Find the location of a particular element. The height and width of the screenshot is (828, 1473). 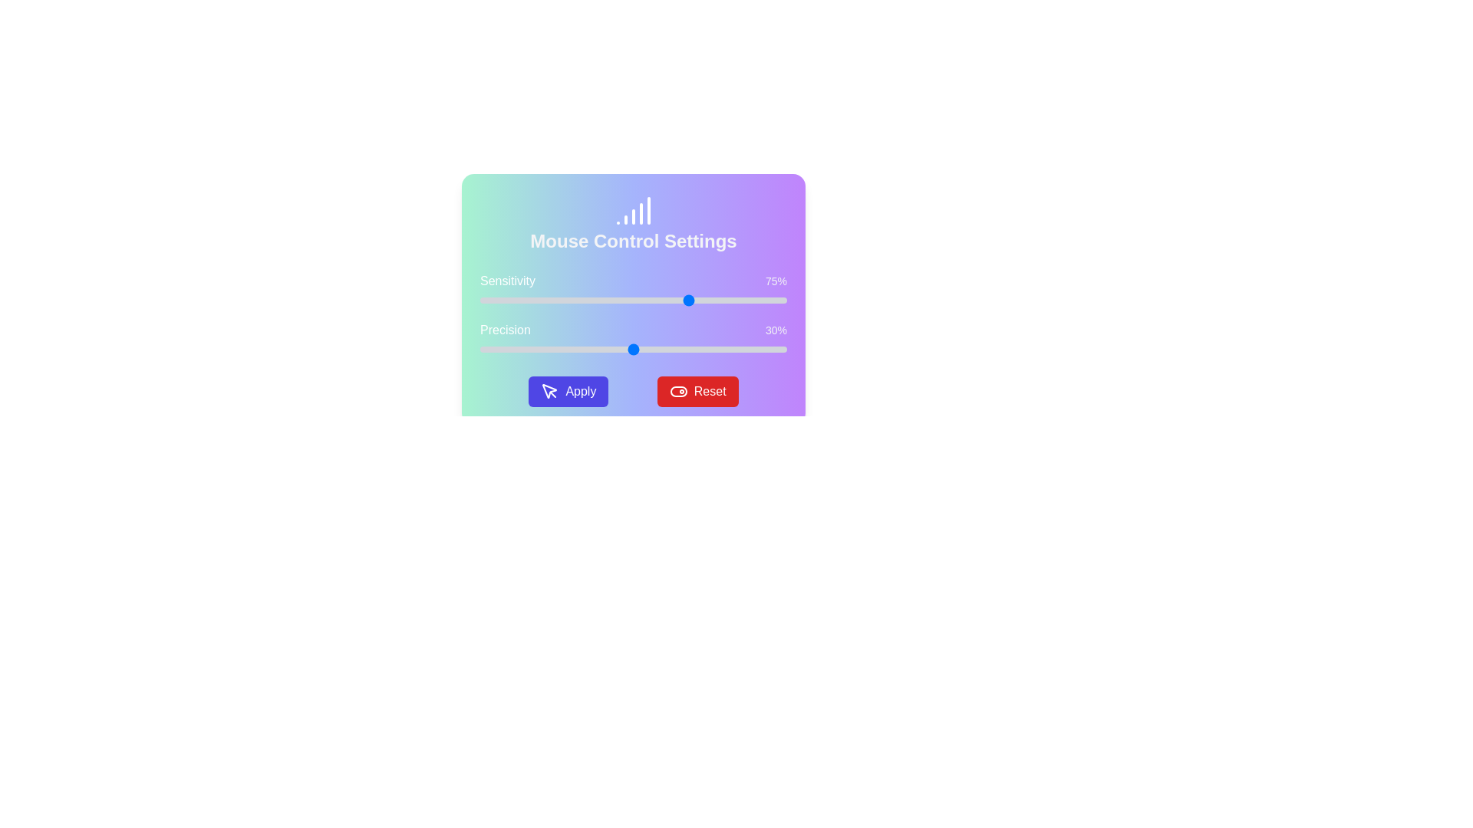

the precision is located at coordinates (534, 349).